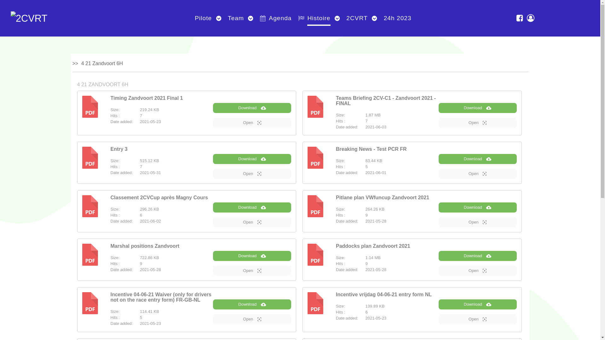 The width and height of the screenshot is (605, 340). I want to click on 'Teams Briefing 2CV-C1 - Zandvoort 2021 - FINAL', so click(385, 100).